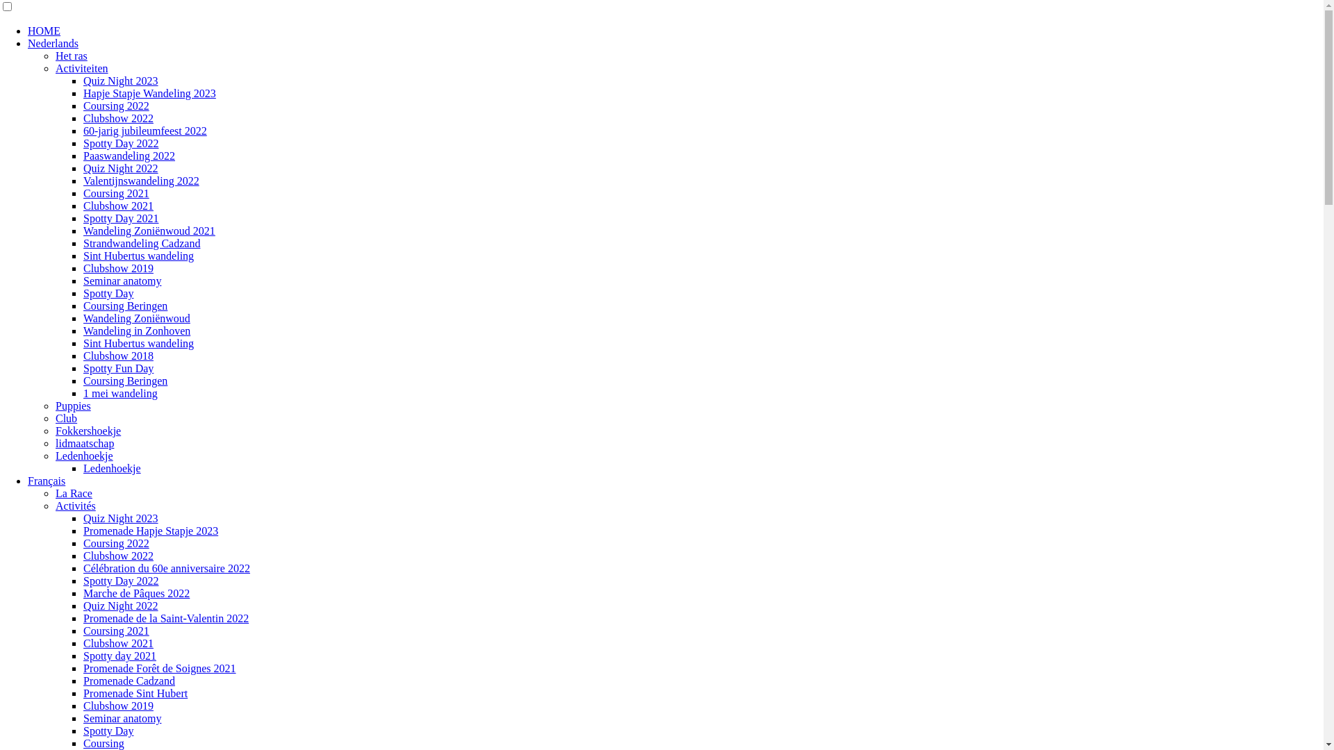 Image resolution: width=1334 pixels, height=750 pixels. I want to click on 'Activiteiten', so click(81, 68).